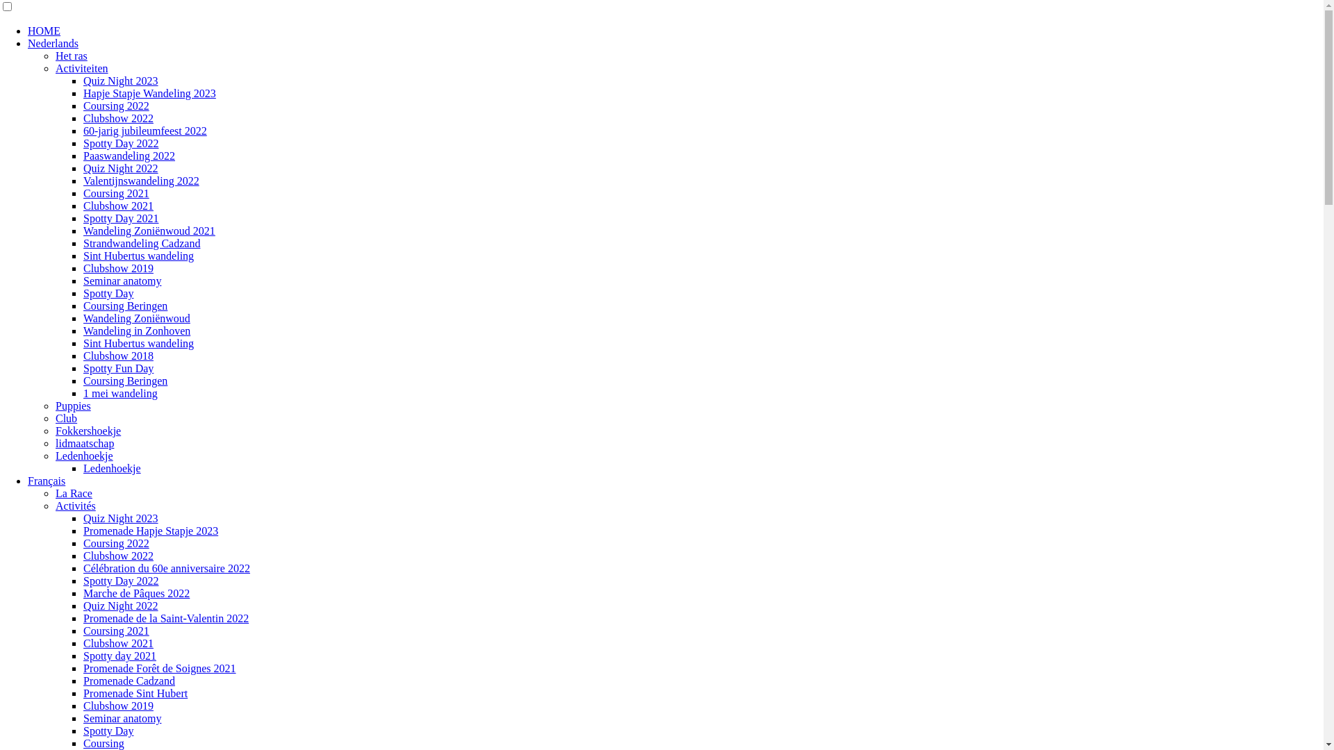 Image resolution: width=1334 pixels, height=750 pixels. I want to click on 'Activiteiten', so click(81, 68).